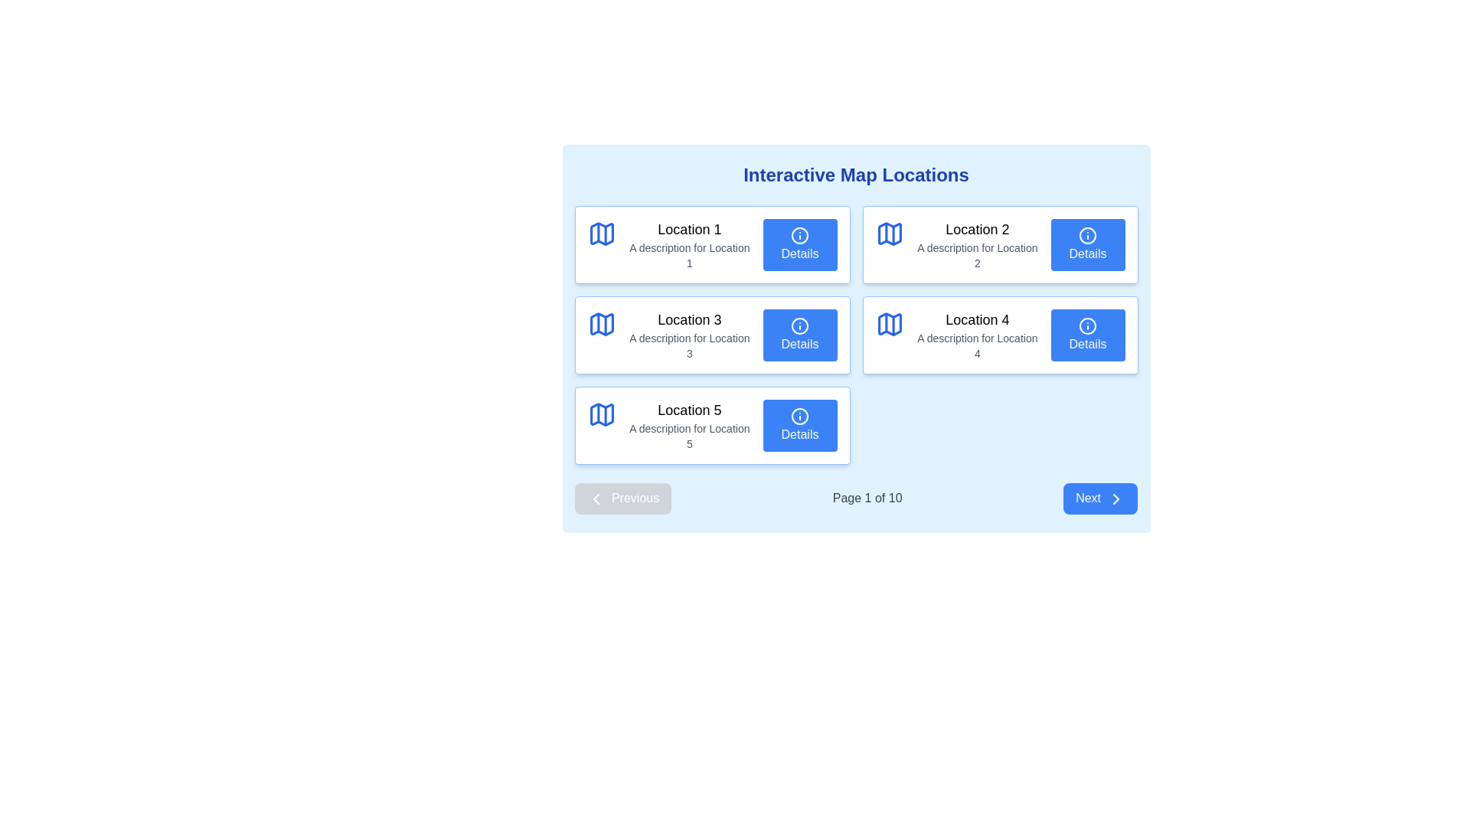 This screenshot has height=827, width=1470. What do you see at coordinates (688, 244) in the screenshot?
I see `the text label that provides information about 'Location 1', which is the top-left card in a grid of interactive map locations, located to the right of a blue map icon and adjacent to a blue 'Details' button` at bounding box center [688, 244].